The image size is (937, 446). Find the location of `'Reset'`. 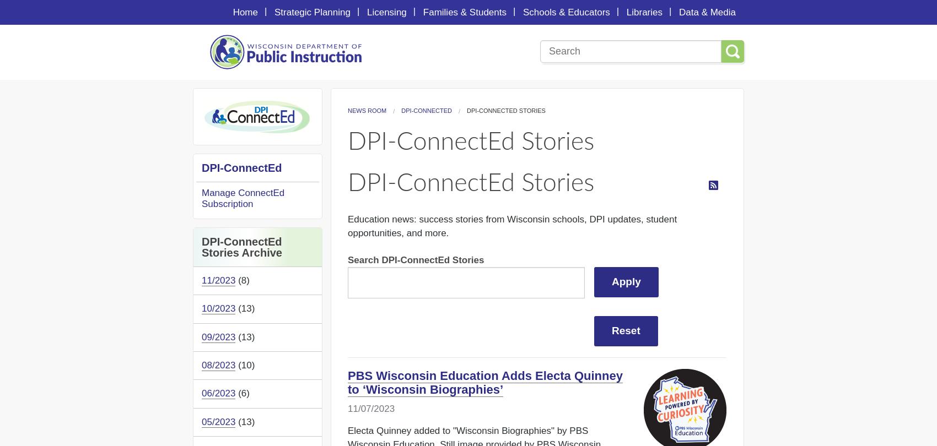

'Reset' is located at coordinates (626, 330).